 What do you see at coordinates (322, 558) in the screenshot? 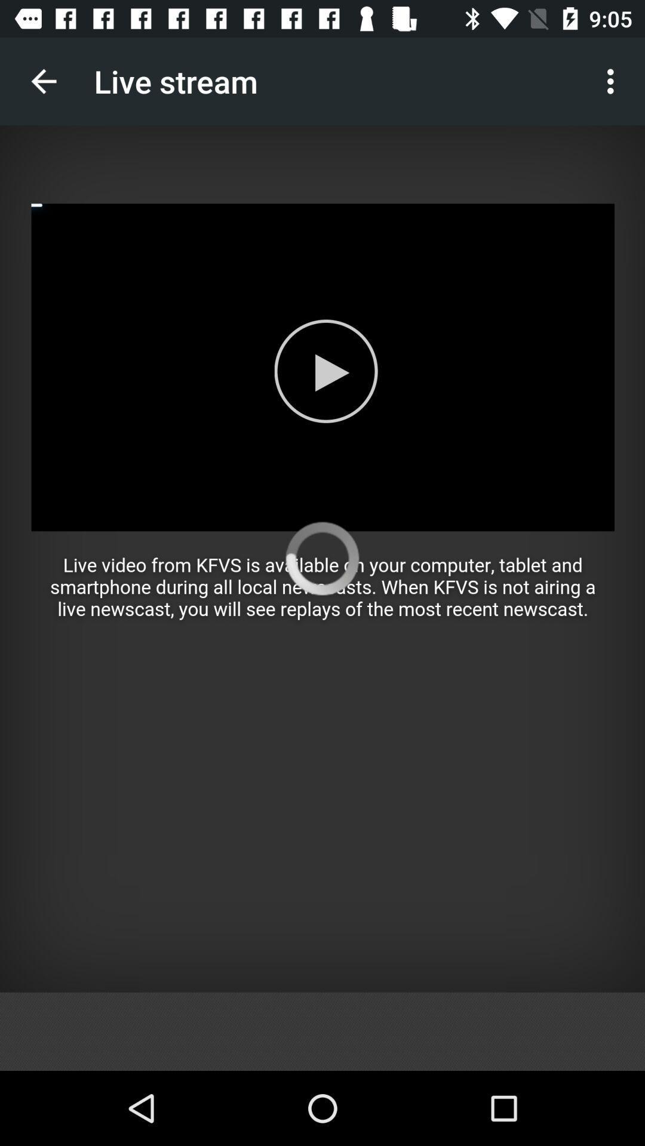
I see `field` at bounding box center [322, 558].